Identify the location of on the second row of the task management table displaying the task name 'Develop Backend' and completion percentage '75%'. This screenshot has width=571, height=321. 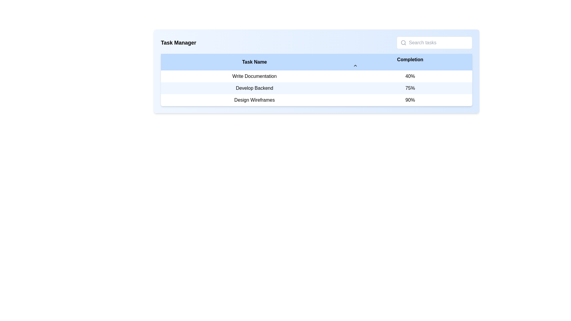
(316, 88).